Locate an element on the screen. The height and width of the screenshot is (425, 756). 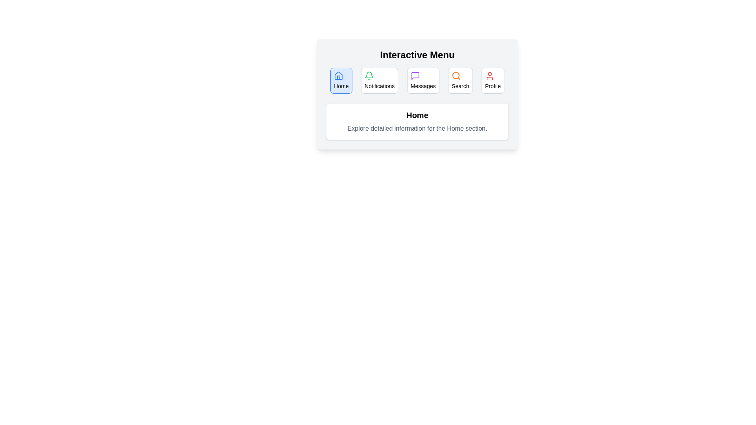
the 'Search' text label, which is styled in a simple sans-serif font and integrated into a white rectangular button with a rounded border, positioned fourth from the left among a horizontal row of five buttons is located at coordinates (460, 86).